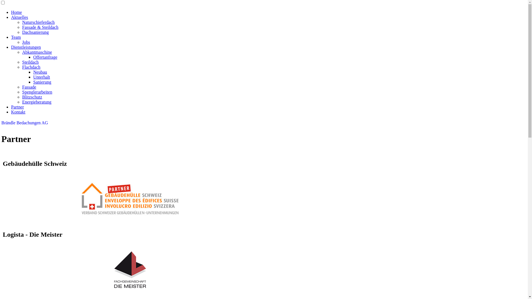  I want to click on 'Partner', so click(11, 107).